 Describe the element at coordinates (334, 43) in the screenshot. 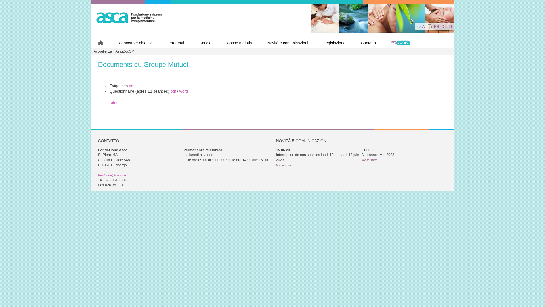

I see `'Legislazione'` at that location.